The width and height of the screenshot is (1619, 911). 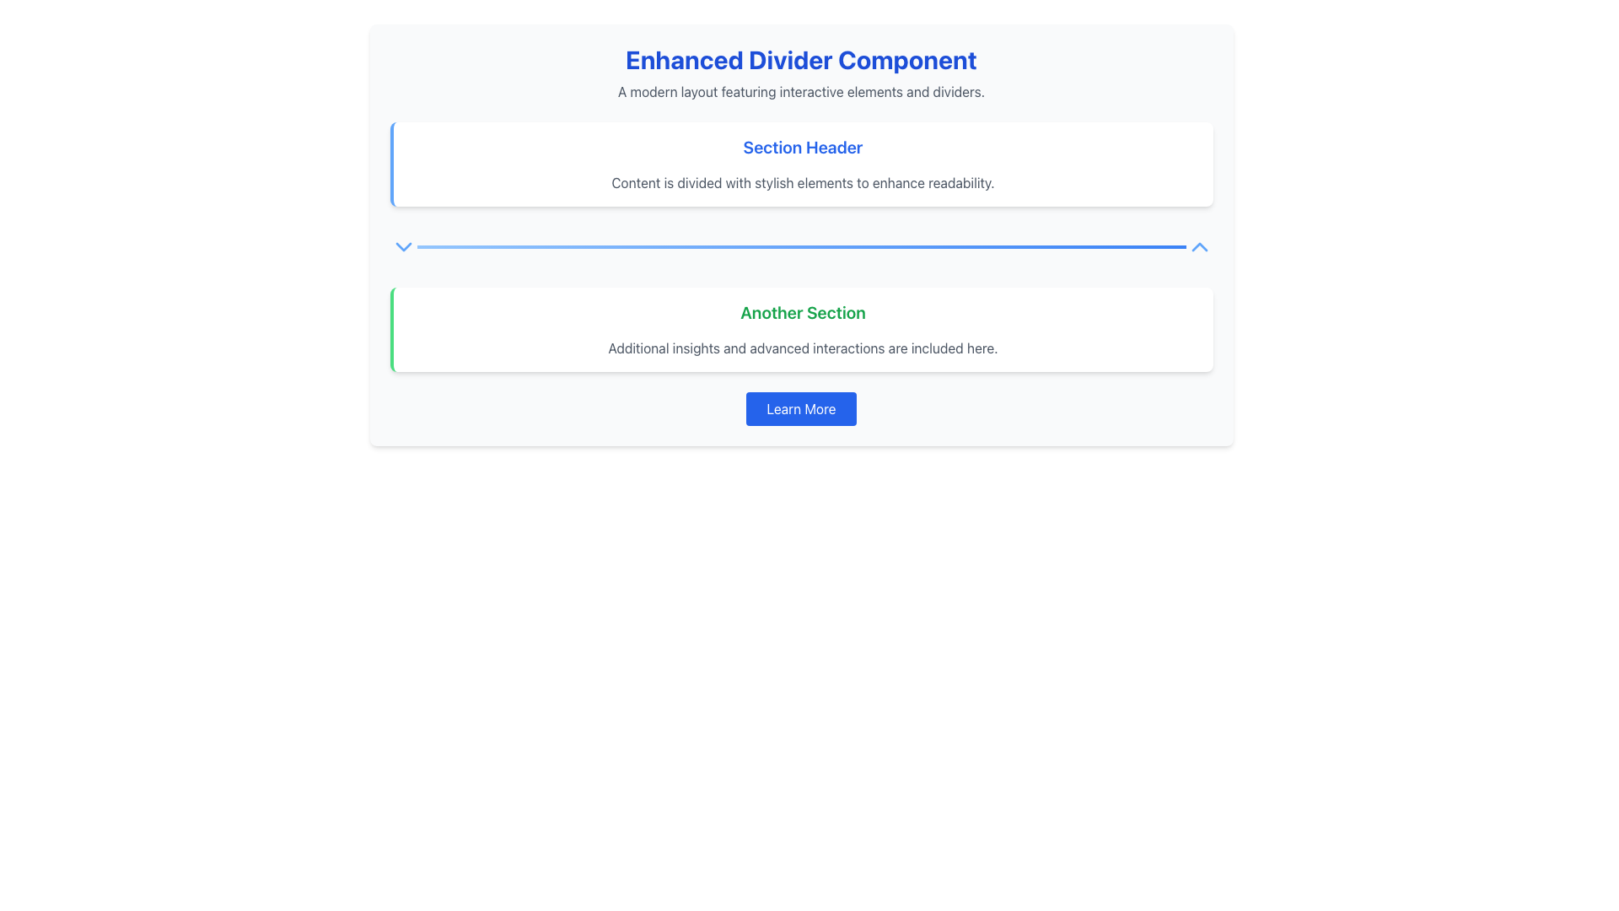 I want to click on the bold text label reading 'Enhanced Divider Component', which is centrally located near the top of the interface, so click(x=800, y=58).